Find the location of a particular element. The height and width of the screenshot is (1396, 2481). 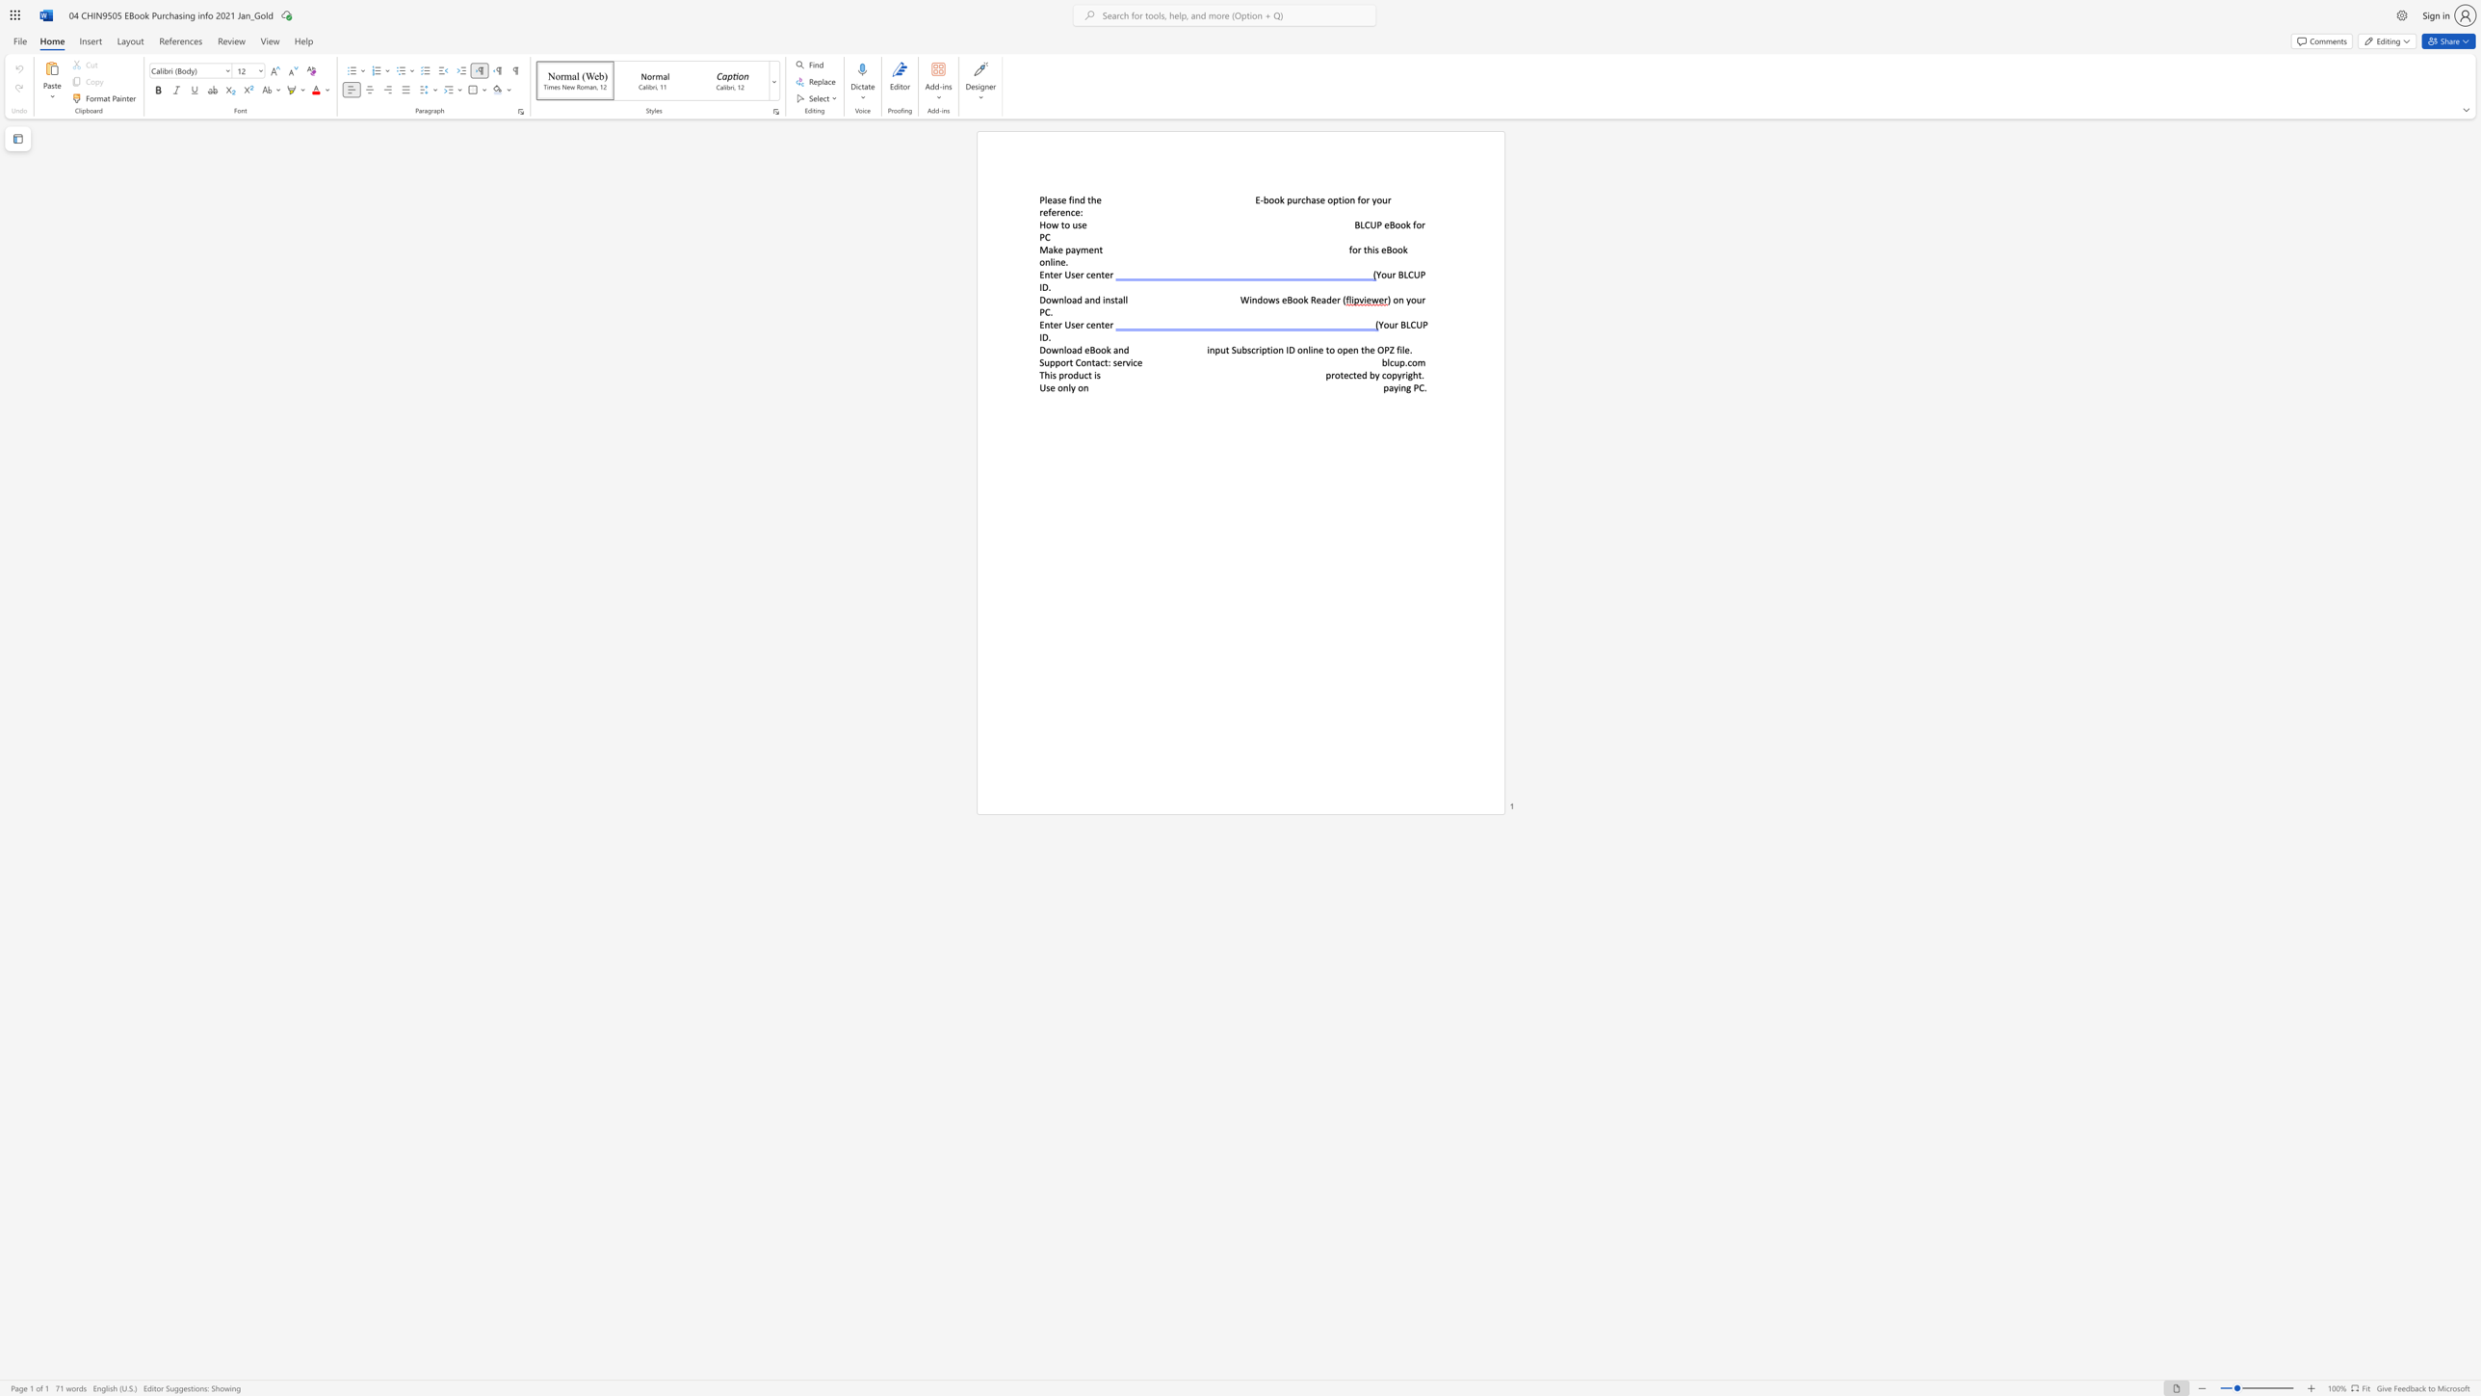

the 2th character "a" in the text is located at coordinates (1114, 349).